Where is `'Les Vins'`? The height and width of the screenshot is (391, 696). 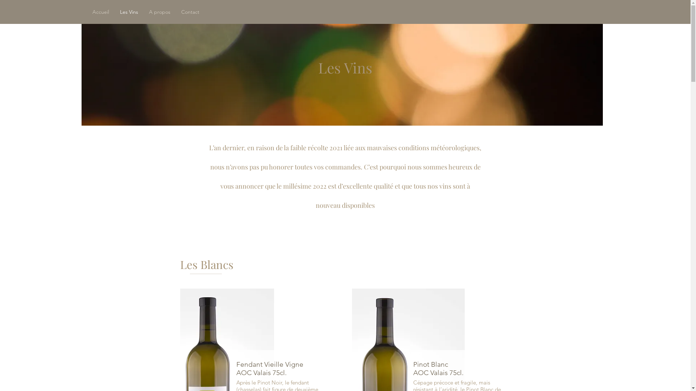
'Les Vins' is located at coordinates (114, 12).